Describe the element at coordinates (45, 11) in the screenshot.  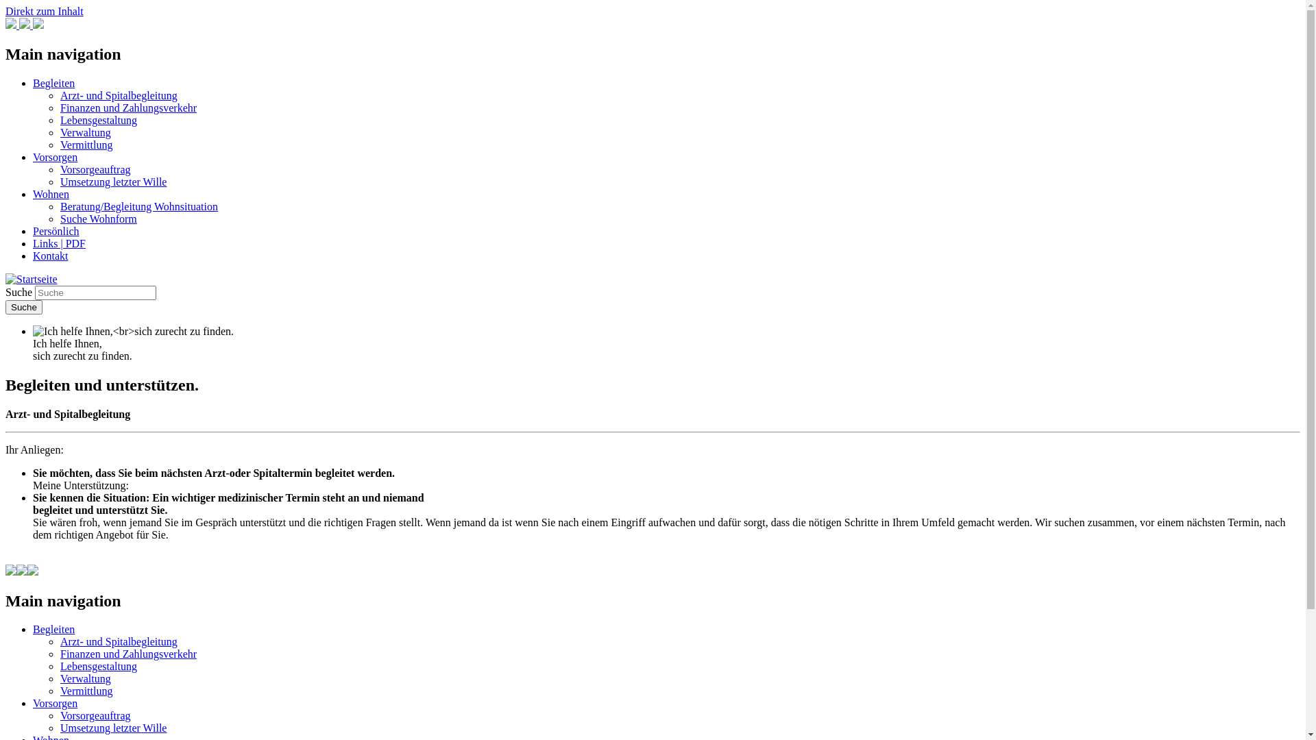
I see `'Direkt zum Inhalt'` at that location.